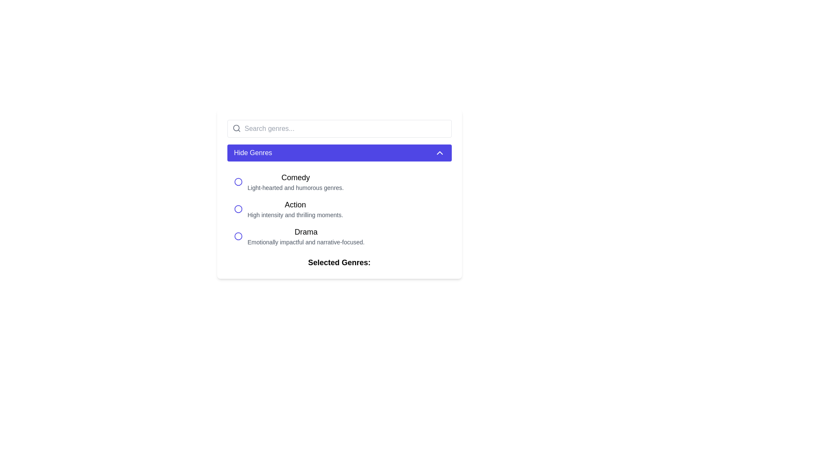 This screenshot has height=459, width=816. I want to click on the 'Action' genre option selector, so click(339, 209).